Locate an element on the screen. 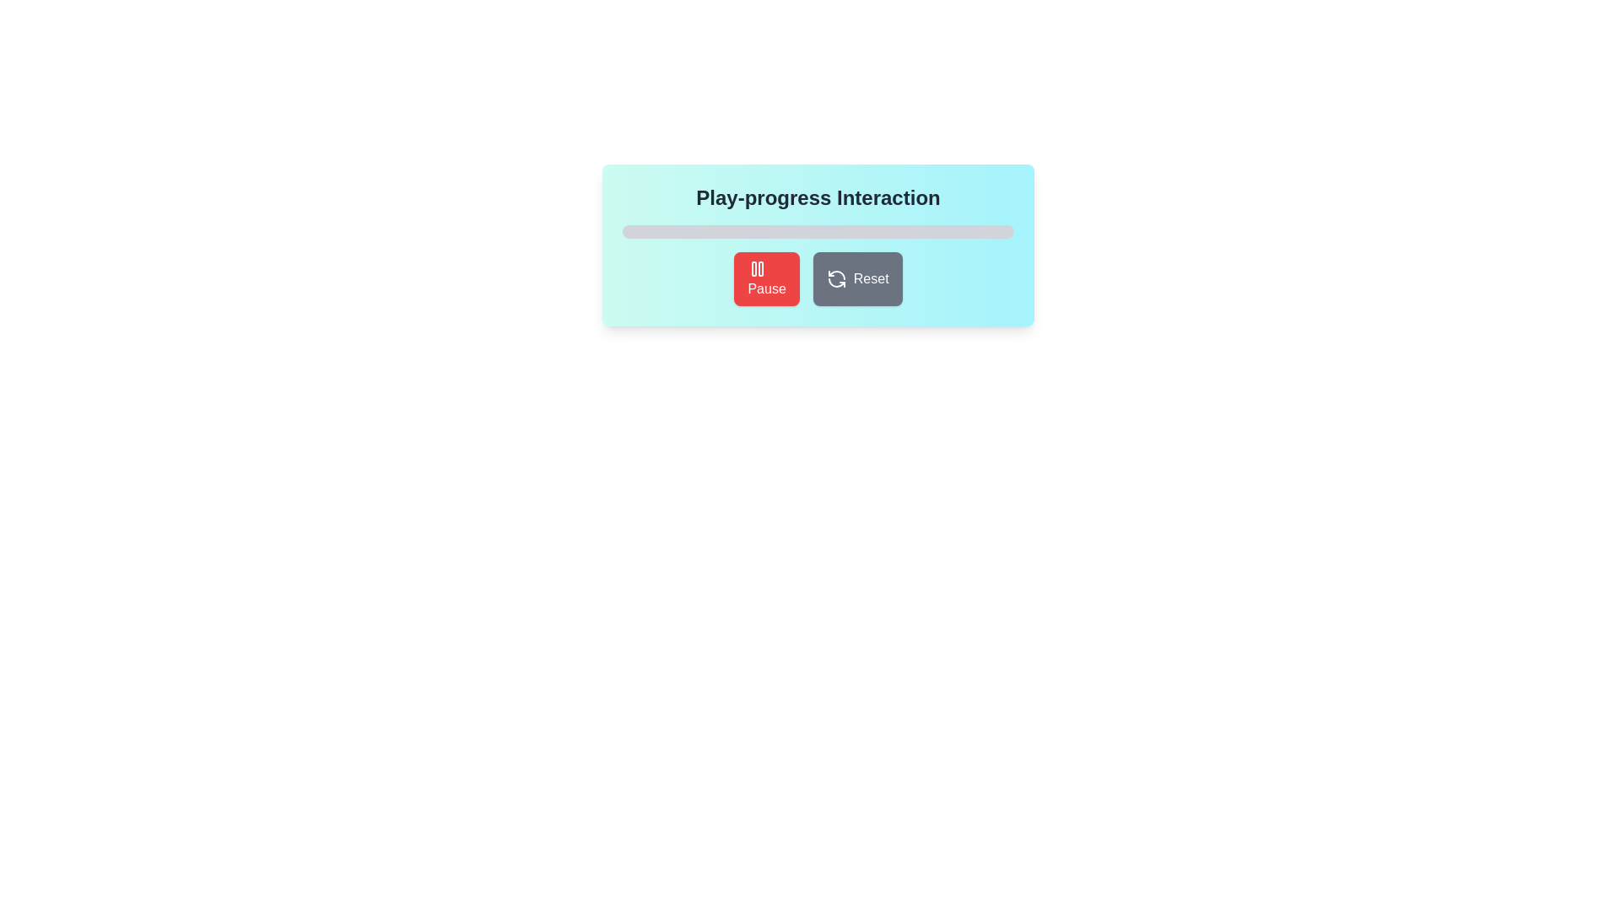  the red 'Pause' button with white text and a pause icon is located at coordinates (766, 278).